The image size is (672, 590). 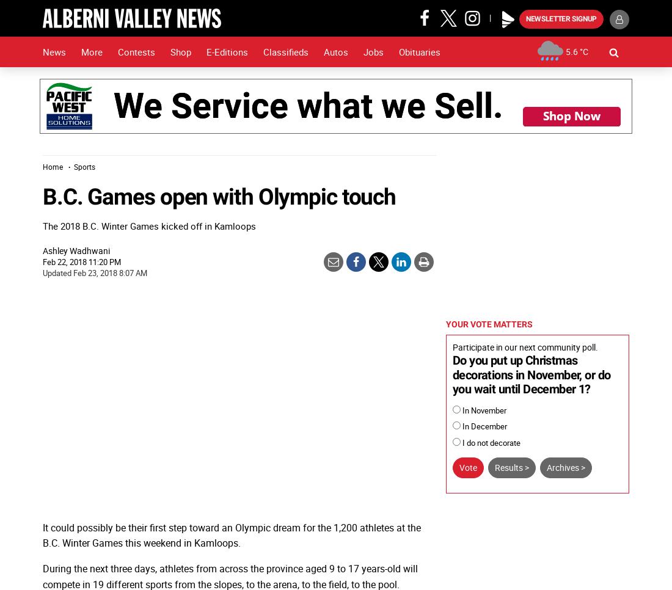 I want to click on 'Autos', so click(x=336, y=51).